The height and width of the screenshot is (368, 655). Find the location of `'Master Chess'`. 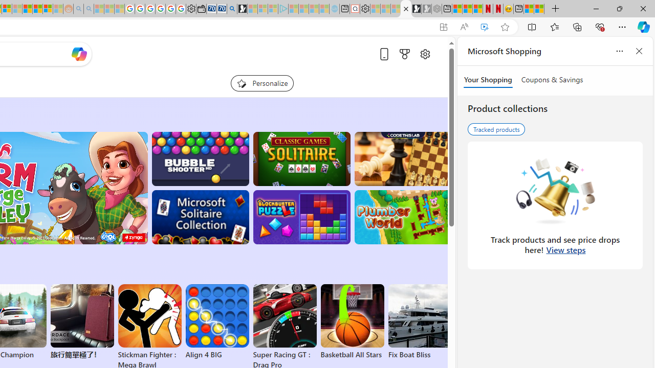

'Master Chess' is located at coordinates (402, 159).